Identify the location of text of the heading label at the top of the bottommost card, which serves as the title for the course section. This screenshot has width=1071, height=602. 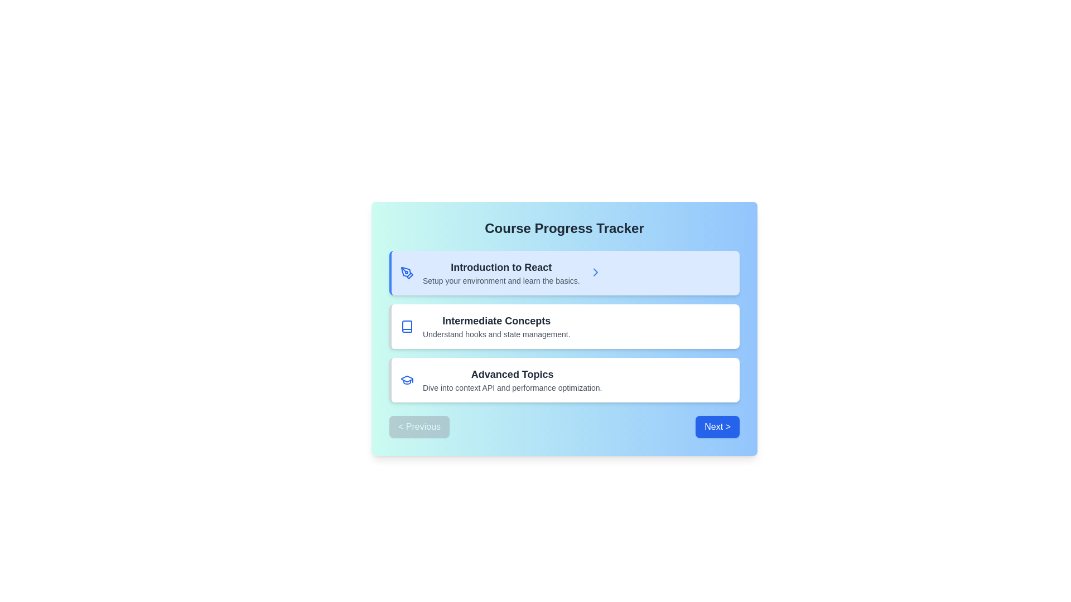
(512, 374).